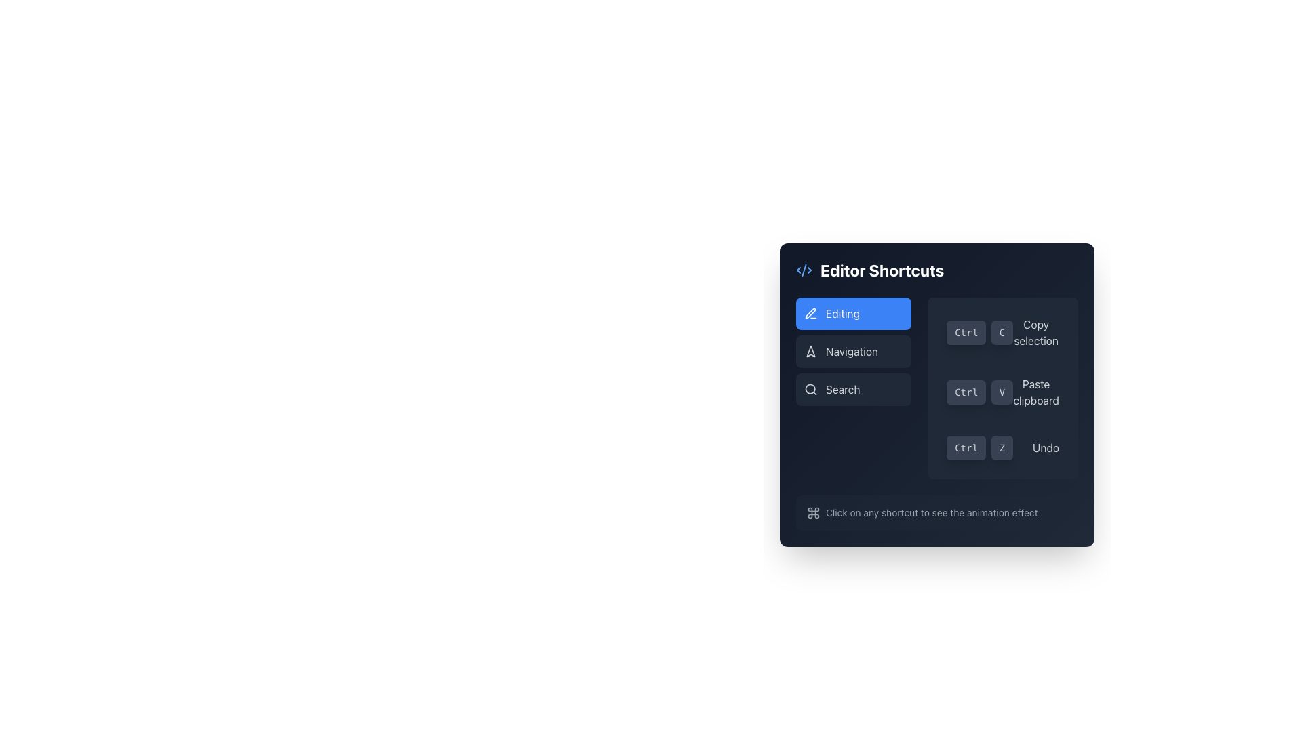 Image resolution: width=1302 pixels, height=732 pixels. I want to click on the descriptive text label that informs users about the functionality of shortcuts in the 'Editor Shortcuts' dialog box, so click(931, 512).